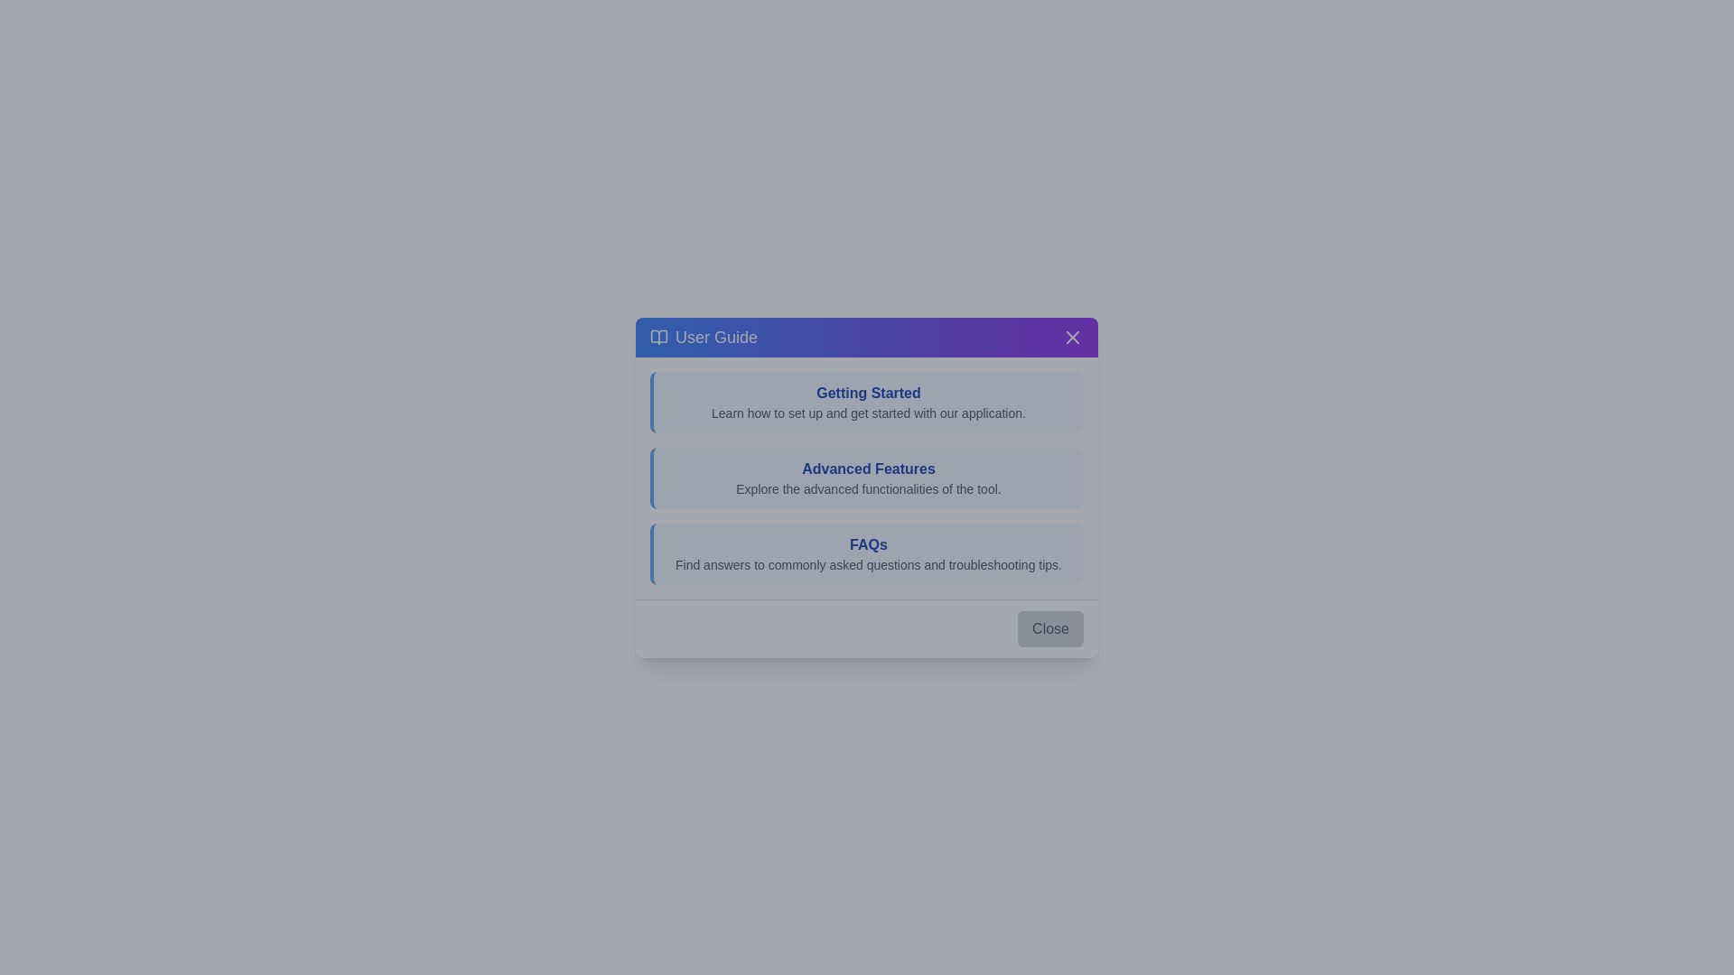  What do you see at coordinates (1050, 627) in the screenshot?
I see `the 'Close' button with a light gray background and rounded corners located at the bottom-right corner of the dialog box for keyboard interaction` at bounding box center [1050, 627].